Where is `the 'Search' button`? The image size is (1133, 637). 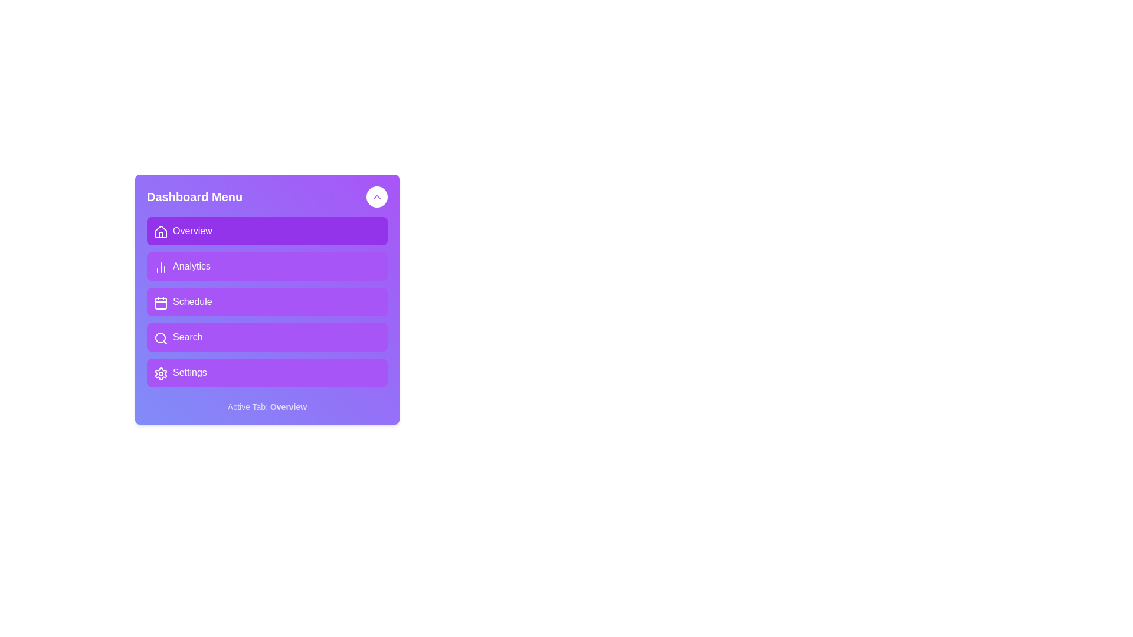
the 'Search' button is located at coordinates (266, 337).